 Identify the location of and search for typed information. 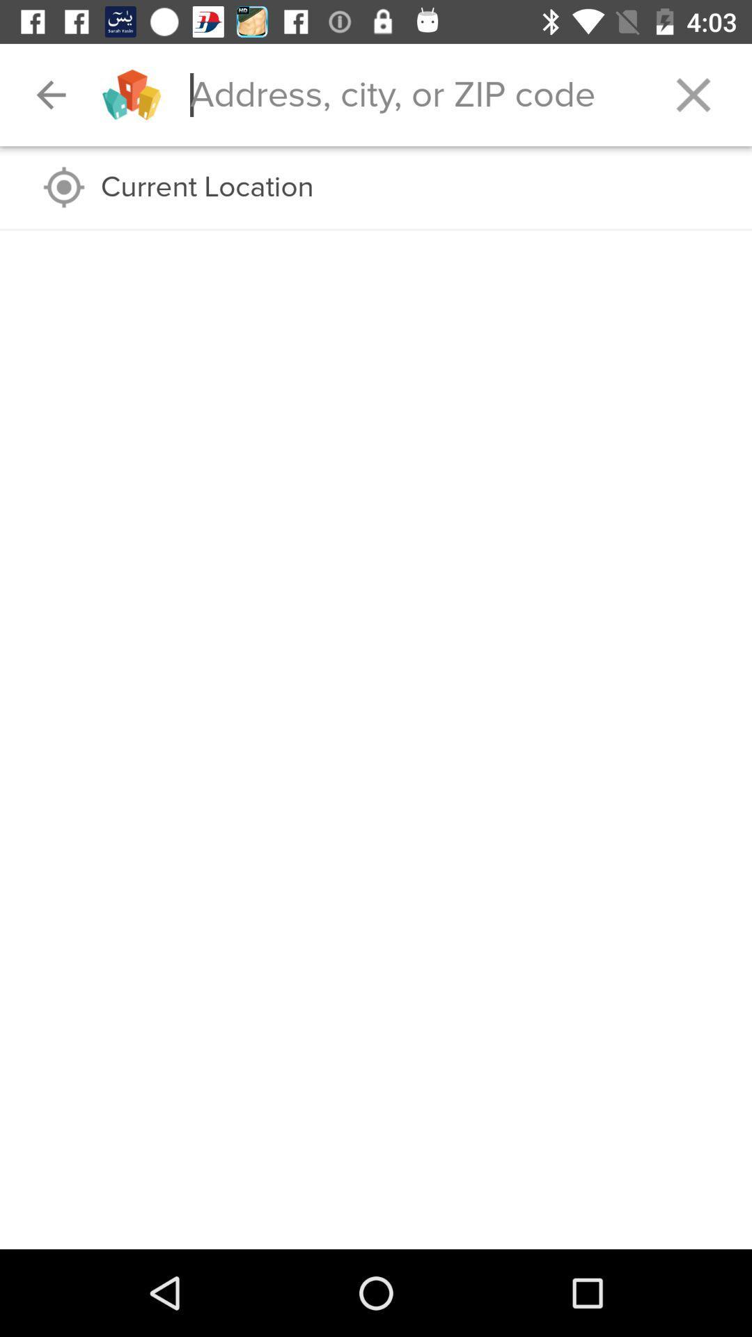
(412, 94).